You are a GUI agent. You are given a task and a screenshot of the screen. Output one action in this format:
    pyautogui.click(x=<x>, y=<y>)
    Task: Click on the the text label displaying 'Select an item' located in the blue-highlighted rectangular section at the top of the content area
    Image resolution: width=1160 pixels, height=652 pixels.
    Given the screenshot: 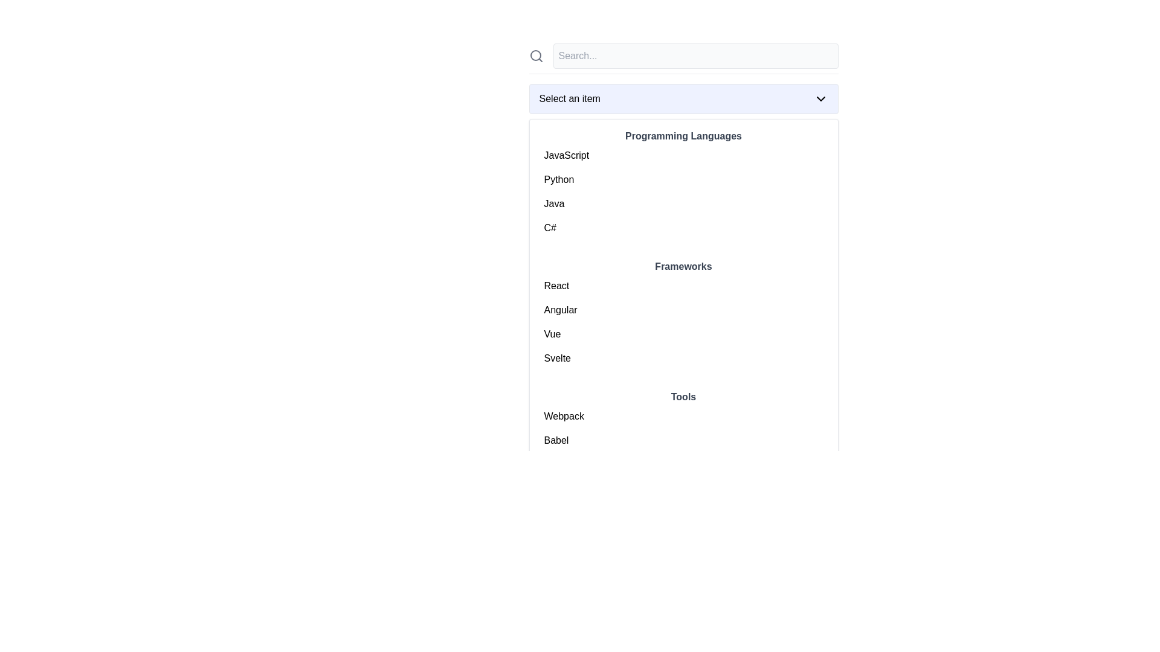 What is the action you would take?
    pyautogui.click(x=569, y=98)
    